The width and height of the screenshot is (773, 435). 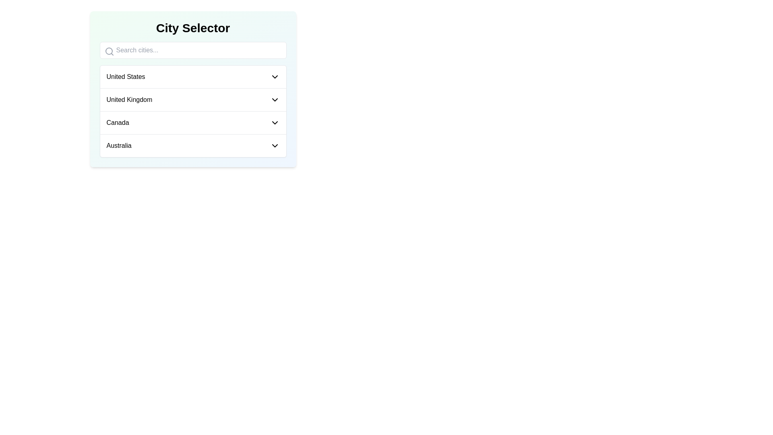 What do you see at coordinates (192, 77) in the screenshot?
I see `the topmost list item labeled 'United States'` at bounding box center [192, 77].